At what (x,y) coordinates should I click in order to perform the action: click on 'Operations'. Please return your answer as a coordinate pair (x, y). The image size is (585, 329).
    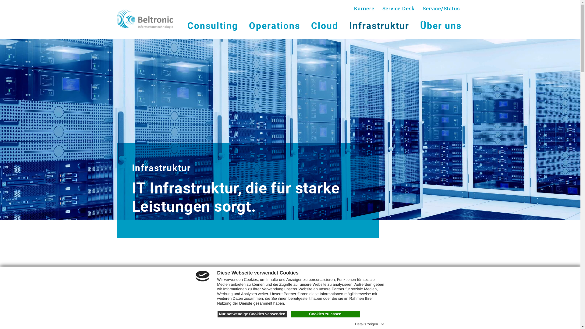
    Looking at the image, I should click on (274, 25).